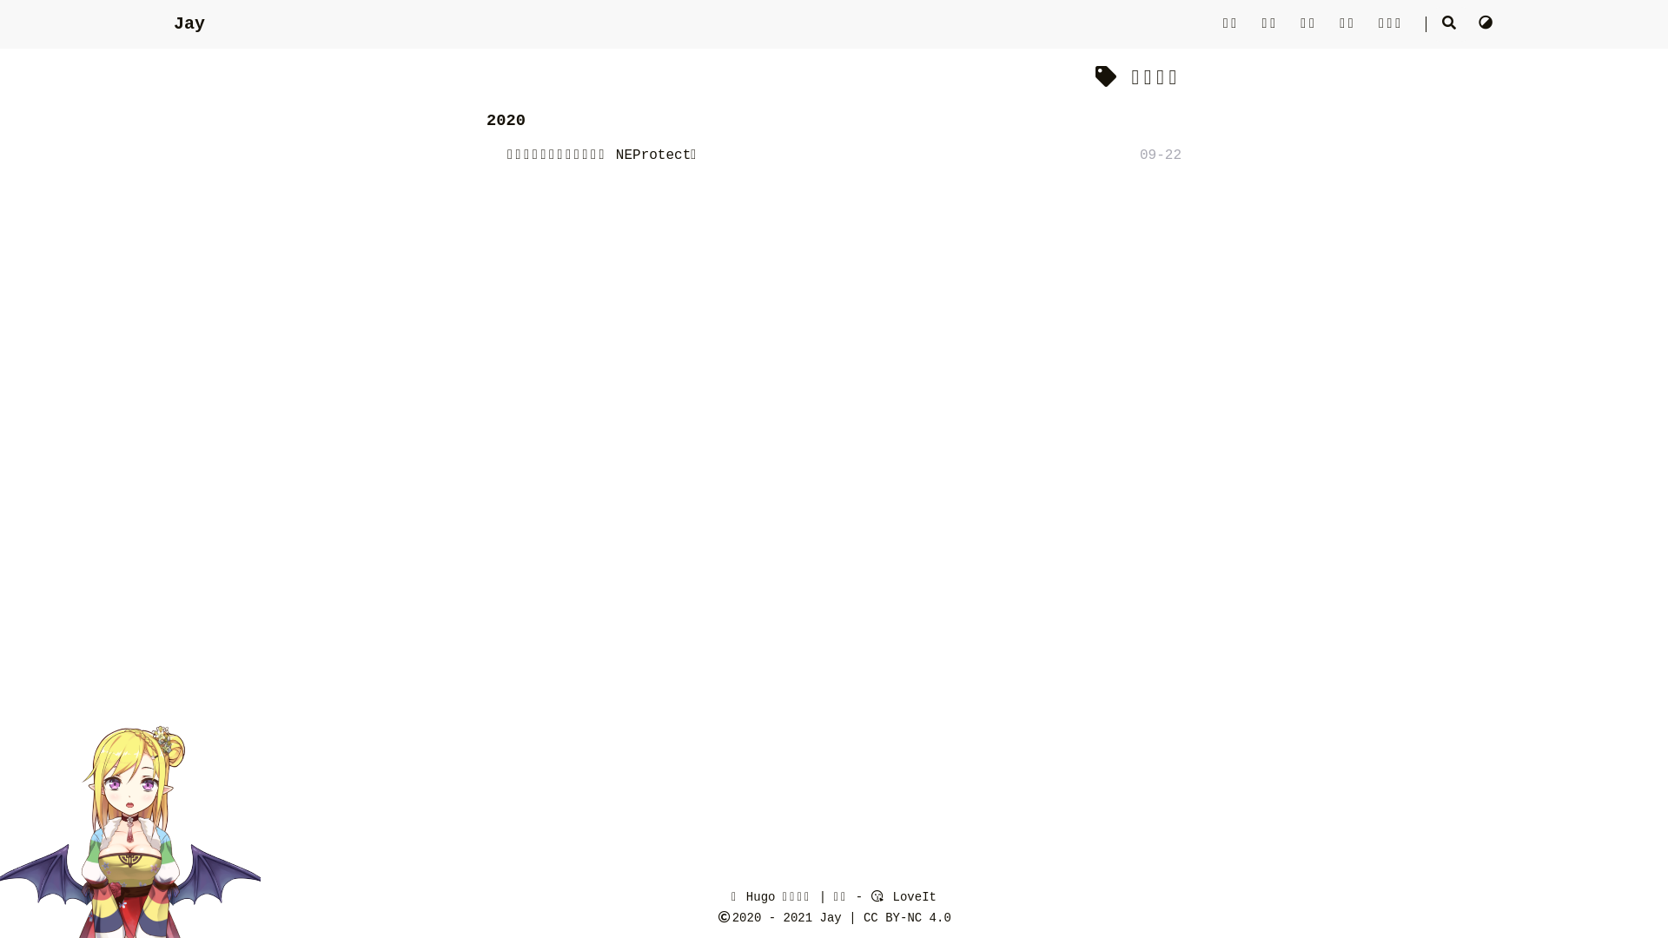 The width and height of the screenshot is (1668, 938). What do you see at coordinates (174, 23) in the screenshot?
I see `'Jay'` at bounding box center [174, 23].